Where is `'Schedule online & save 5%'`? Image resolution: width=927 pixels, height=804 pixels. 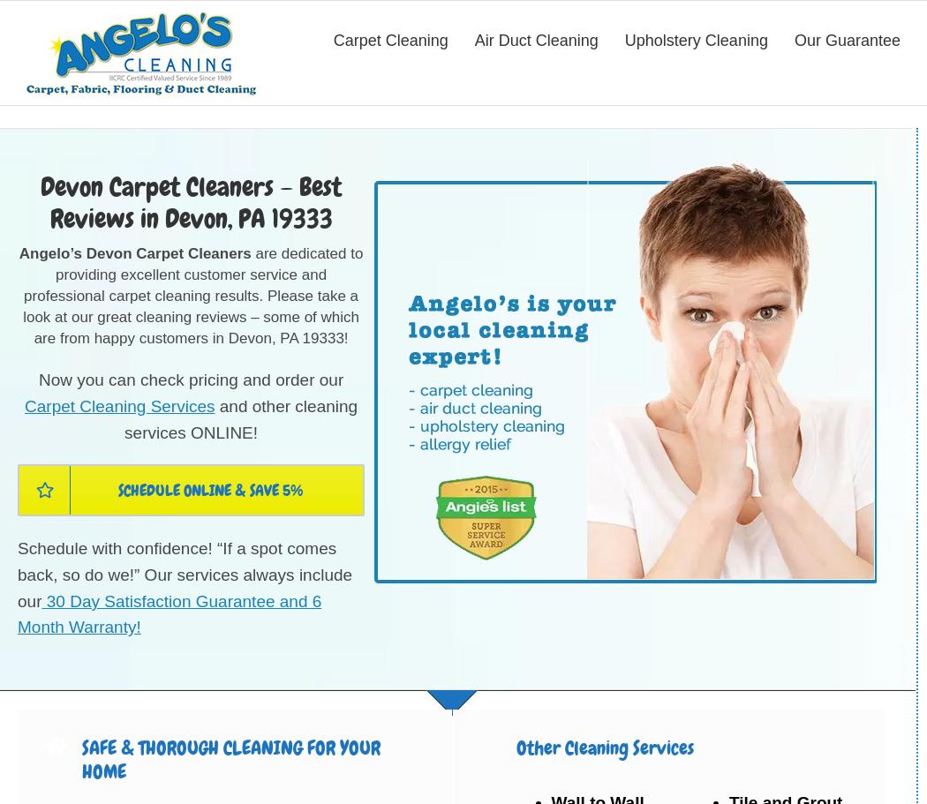 'Schedule online & save 5%' is located at coordinates (117, 488).